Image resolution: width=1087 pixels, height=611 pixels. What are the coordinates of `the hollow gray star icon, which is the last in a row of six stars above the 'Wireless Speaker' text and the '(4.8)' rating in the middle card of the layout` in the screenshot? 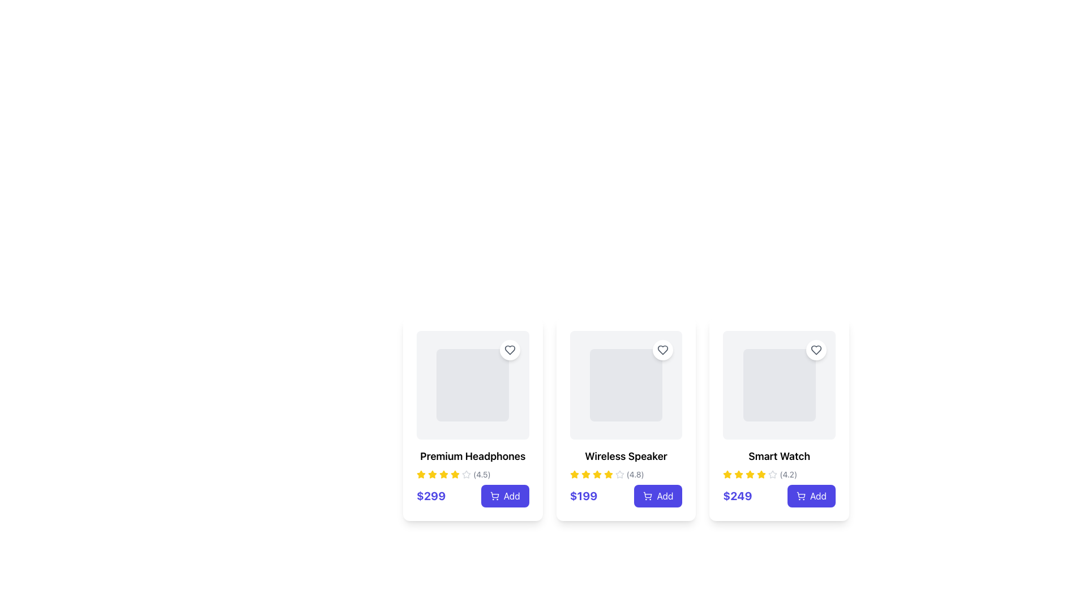 It's located at (619, 475).